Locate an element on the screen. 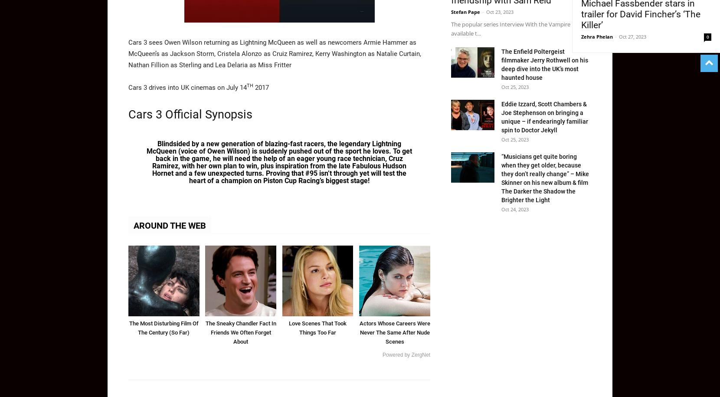 The height and width of the screenshot is (397, 720). 'Oct 24, 2023' is located at coordinates (501, 208).